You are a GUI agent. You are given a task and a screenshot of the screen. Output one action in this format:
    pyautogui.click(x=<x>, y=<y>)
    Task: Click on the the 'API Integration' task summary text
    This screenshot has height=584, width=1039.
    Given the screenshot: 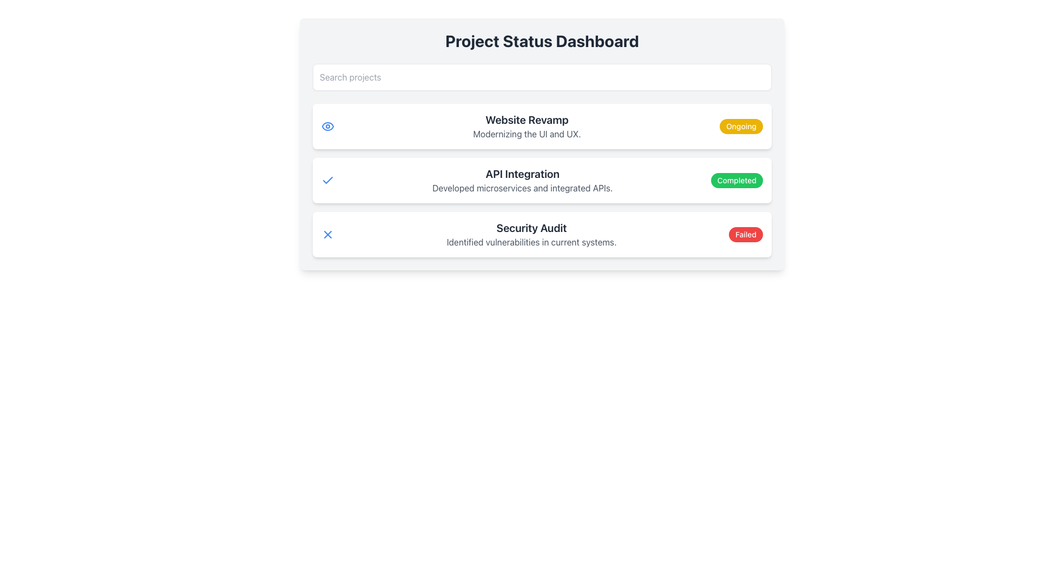 What is the action you would take?
    pyautogui.click(x=542, y=180)
    